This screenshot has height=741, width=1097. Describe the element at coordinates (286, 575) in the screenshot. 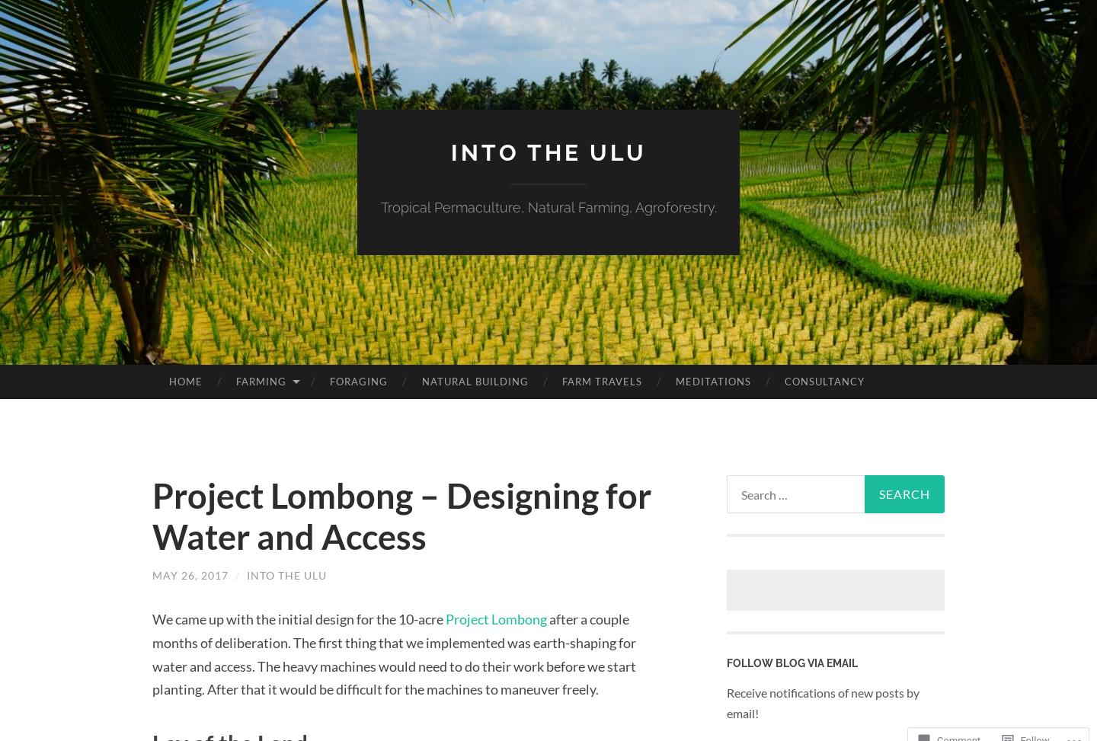

I see `'Into The Ulu'` at that location.